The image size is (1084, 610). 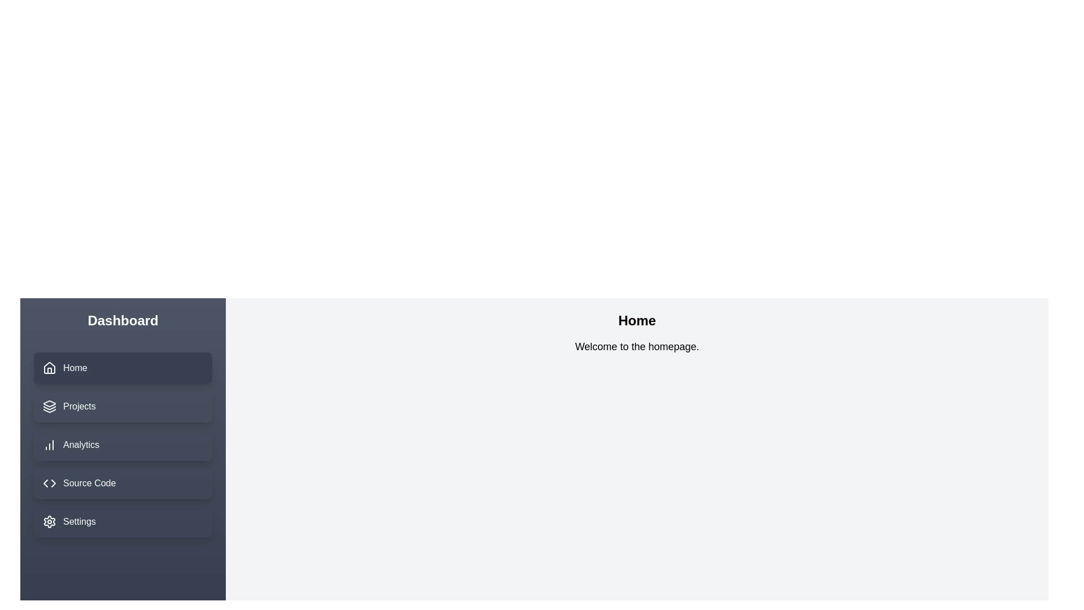 What do you see at coordinates (49, 522) in the screenshot?
I see `the gear icon located in the navigation menu at the bottom section, adjacent to the 'Settings' label` at bounding box center [49, 522].